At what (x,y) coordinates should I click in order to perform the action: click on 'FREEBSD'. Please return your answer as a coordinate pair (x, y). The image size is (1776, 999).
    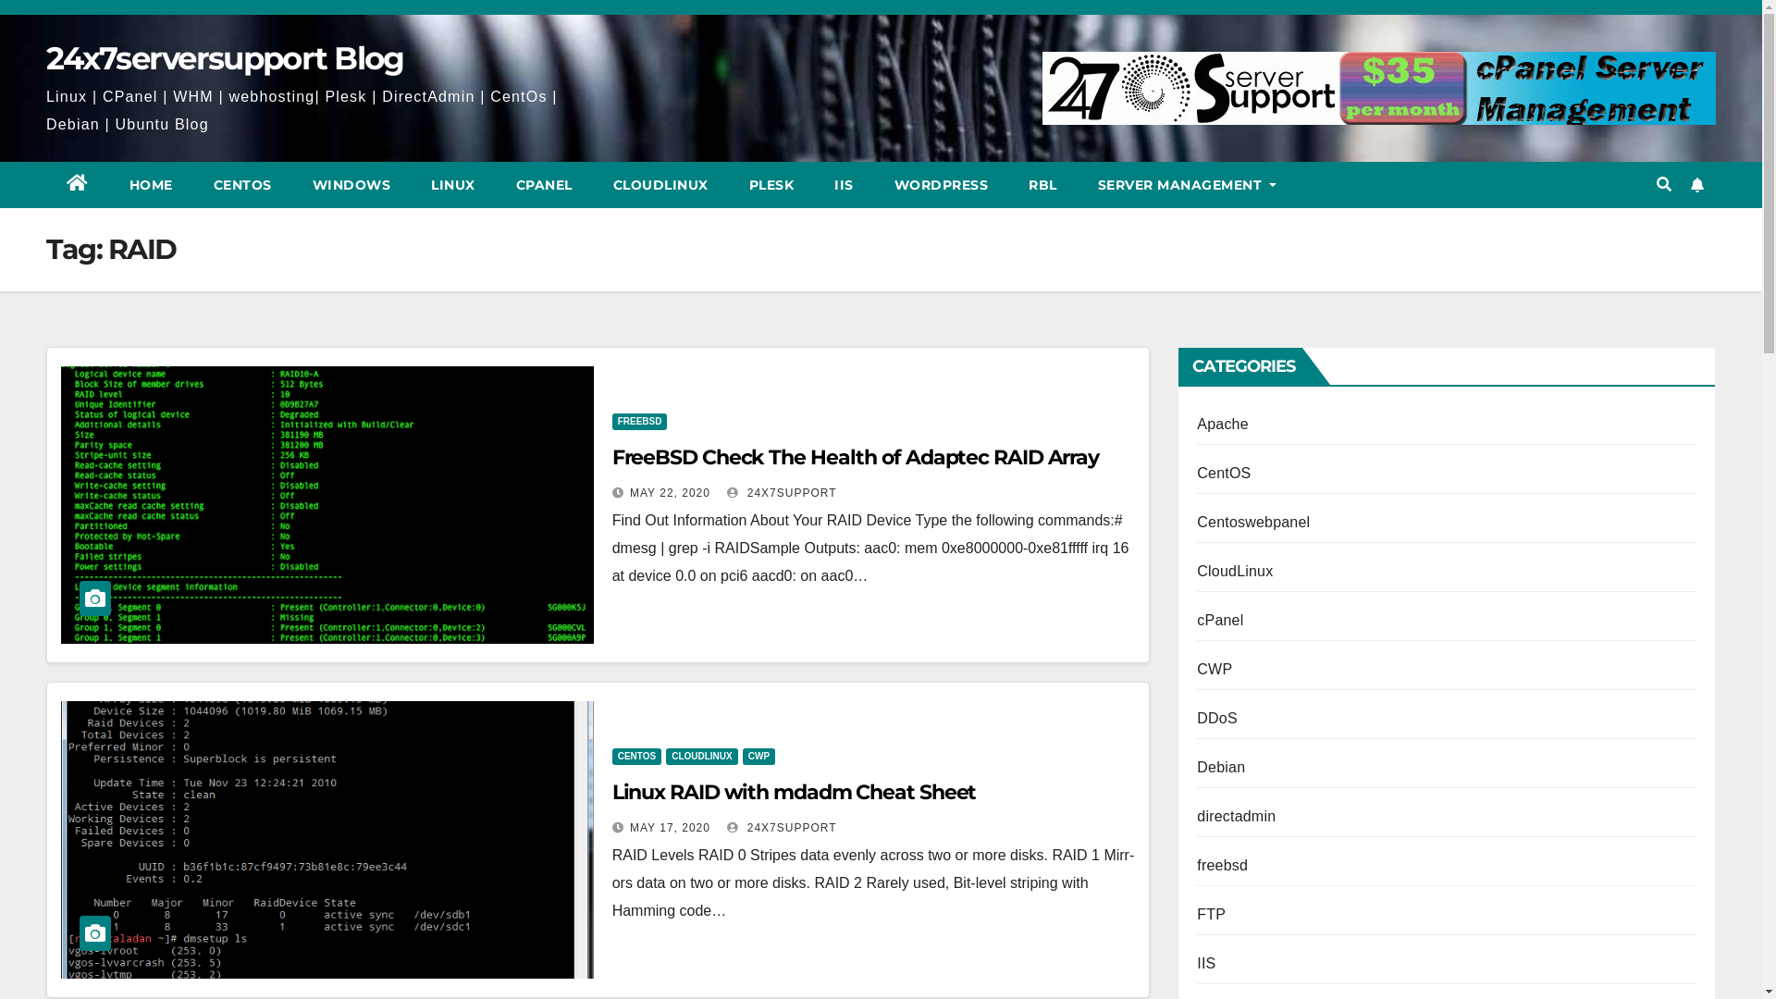
    Looking at the image, I should click on (639, 421).